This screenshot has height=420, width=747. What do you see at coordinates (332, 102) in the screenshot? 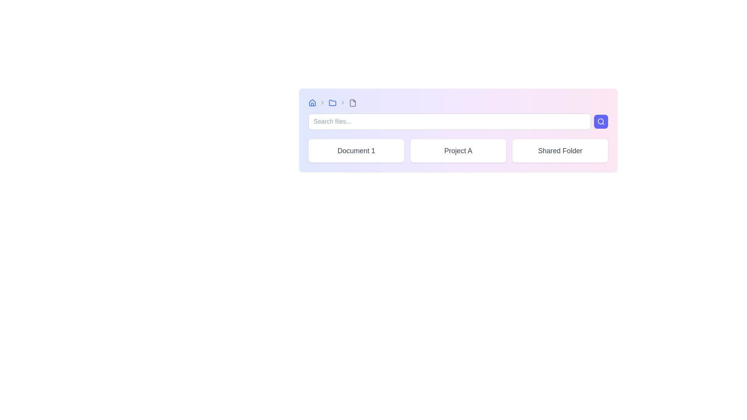
I see `the folder icon located in the top-left toolbar section` at bounding box center [332, 102].